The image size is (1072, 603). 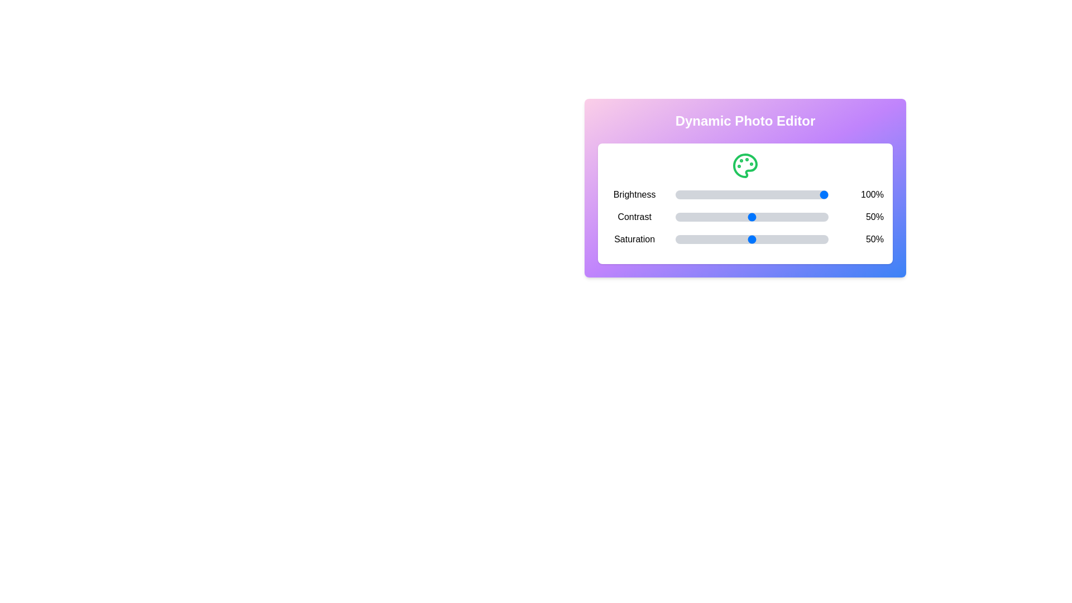 I want to click on the Contrast slider to set its value to 83, so click(x=802, y=217).